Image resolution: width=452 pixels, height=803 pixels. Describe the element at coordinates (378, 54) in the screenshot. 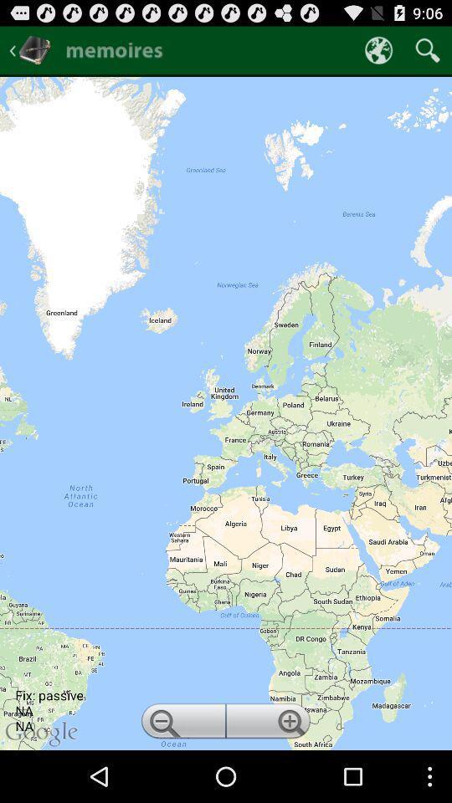

I see `the globe icon` at that location.